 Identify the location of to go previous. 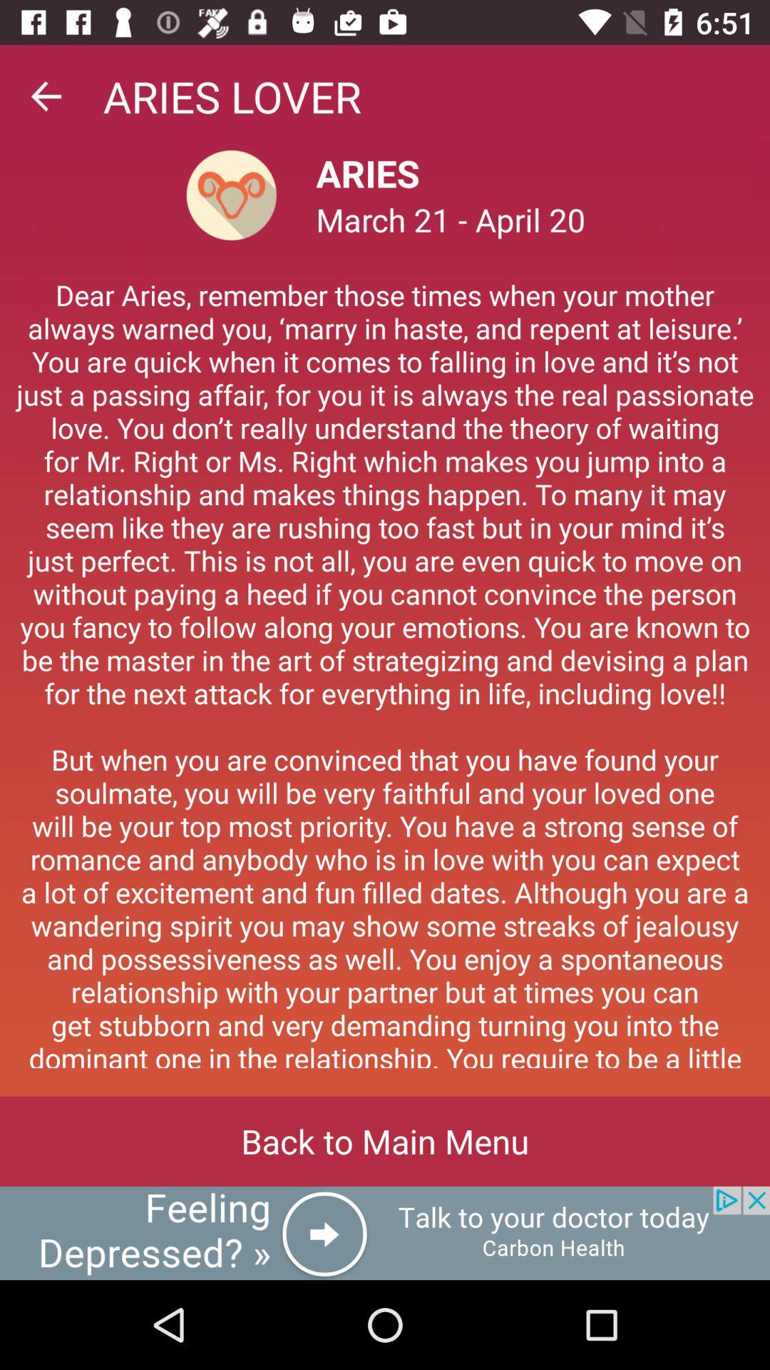
(45, 96).